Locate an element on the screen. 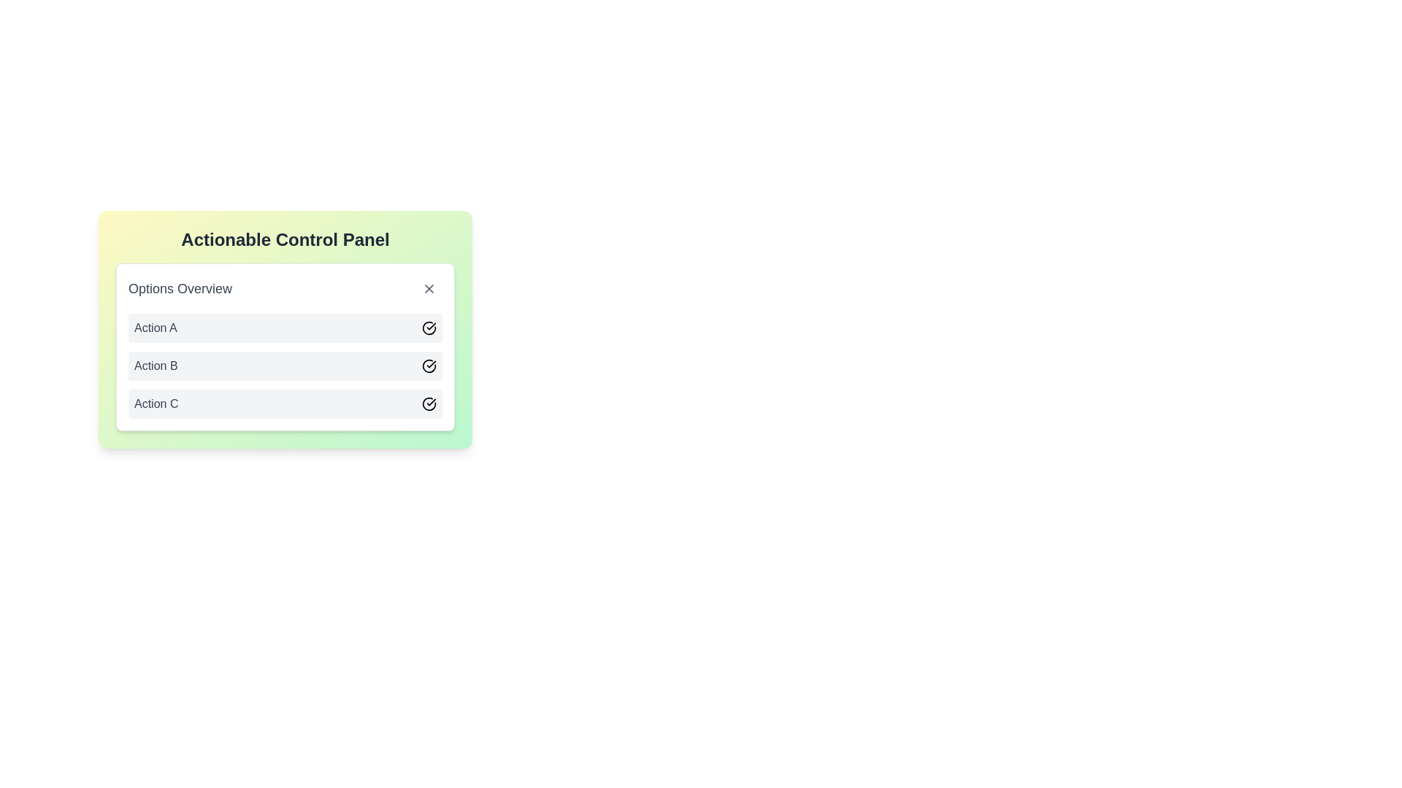 The width and height of the screenshot is (1402, 788). the third actionable row titled 'Action C' in the 'Options Overview' is located at coordinates (285, 404).